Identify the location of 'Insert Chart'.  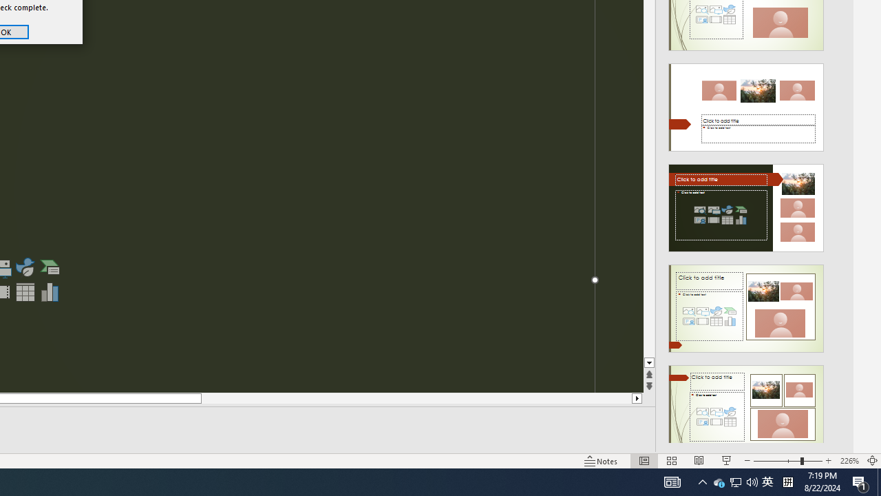
(50, 291).